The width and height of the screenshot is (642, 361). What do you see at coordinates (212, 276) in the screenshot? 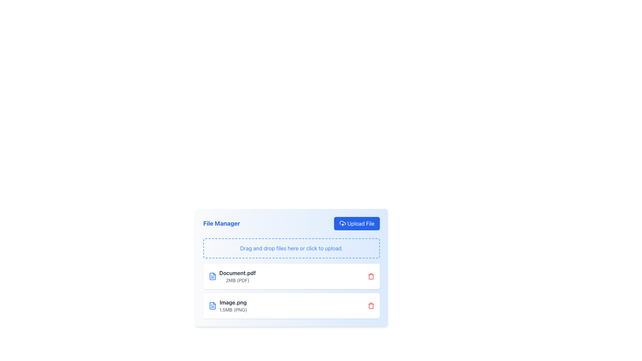
I see `the file icon with a blue outline and white fill, which has a document-like shape and is located near the text 'Document.pdf 2MB (PDF)'` at bounding box center [212, 276].